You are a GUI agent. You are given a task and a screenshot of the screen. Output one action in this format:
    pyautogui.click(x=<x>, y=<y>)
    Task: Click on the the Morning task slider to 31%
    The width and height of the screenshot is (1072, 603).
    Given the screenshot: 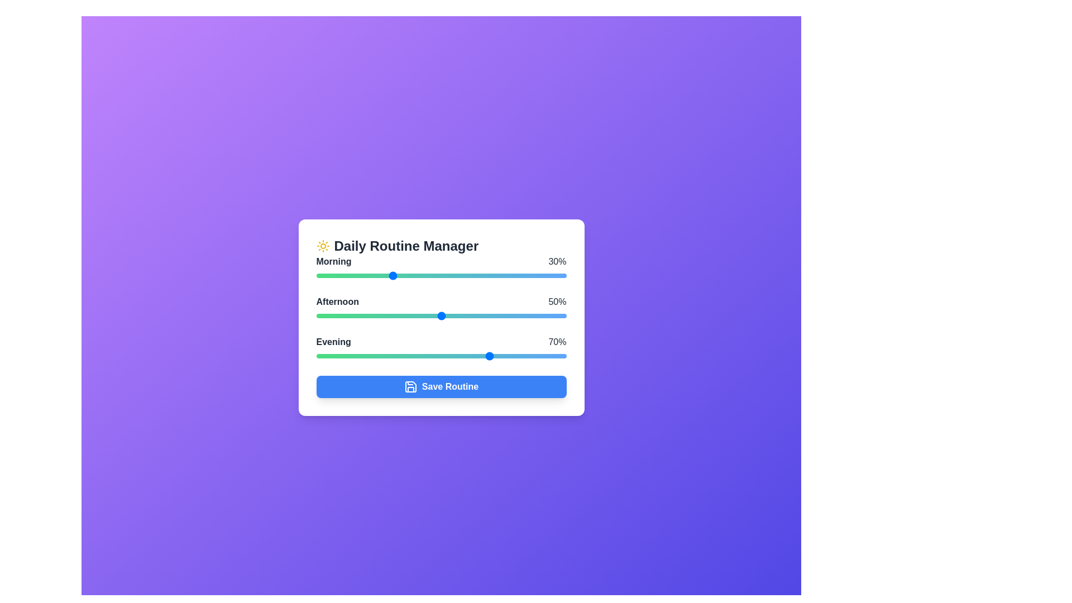 What is the action you would take?
    pyautogui.click(x=394, y=275)
    